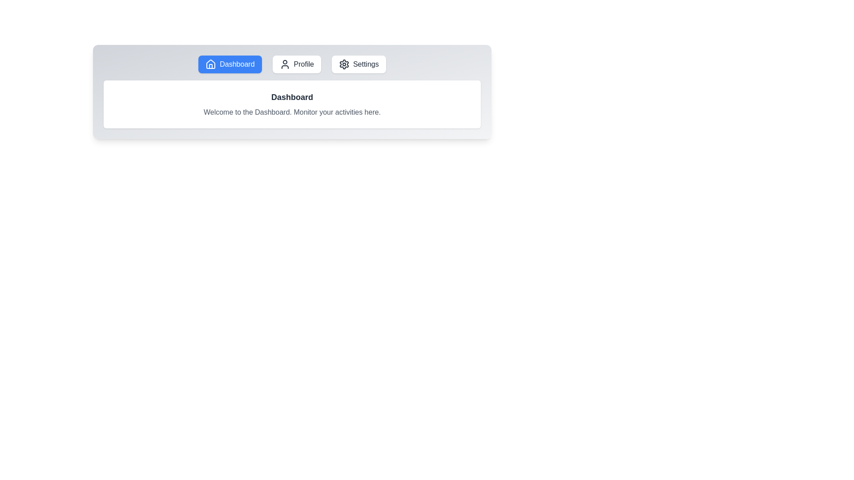 Image resolution: width=854 pixels, height=480 pixels. Describe the element at coordinates (230, 64) in the screenshot. I see `the Dashboard tab by clicking on the corresponding button` at that location.